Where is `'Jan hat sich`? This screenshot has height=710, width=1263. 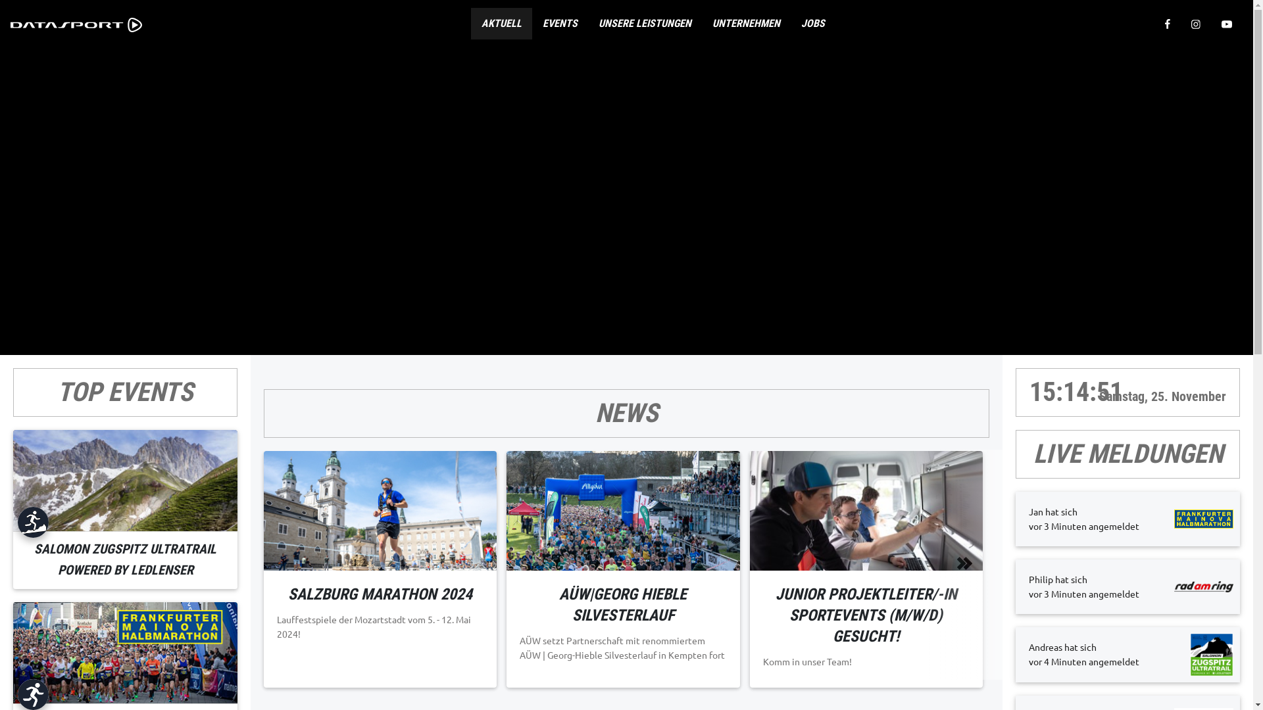 'Jan hat sich is located at coordinates (1127, 518).